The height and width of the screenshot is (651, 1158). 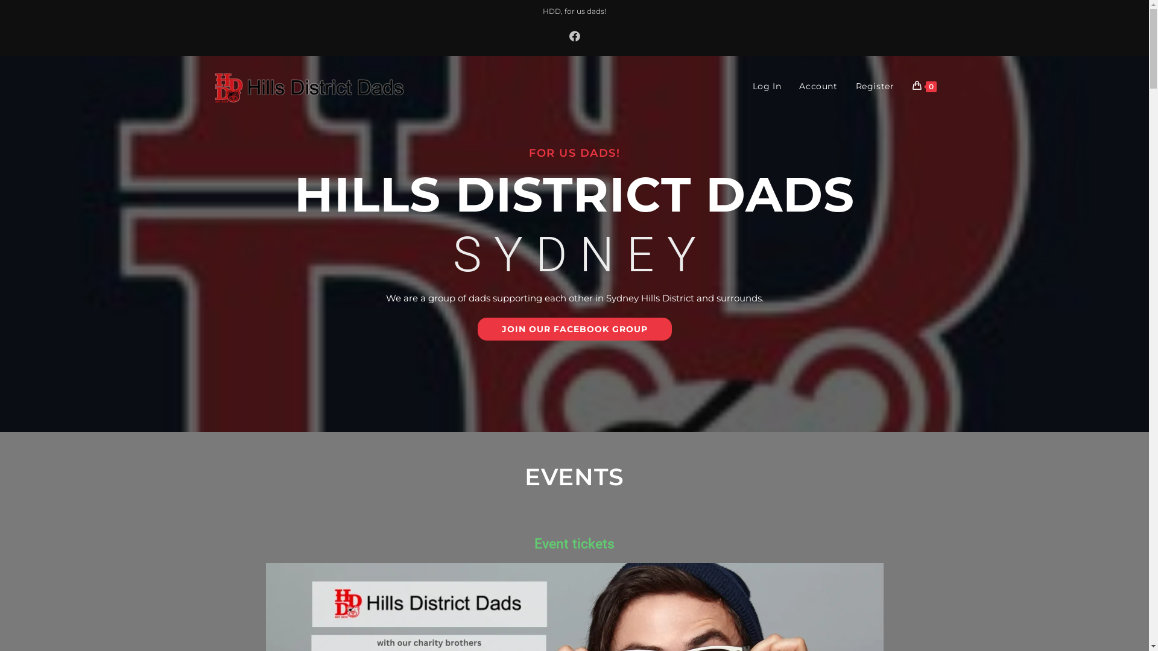 What do you see at coordinates (818, 85) in the screenshot?
I see `'Account'` at bounding box center [818, 85].